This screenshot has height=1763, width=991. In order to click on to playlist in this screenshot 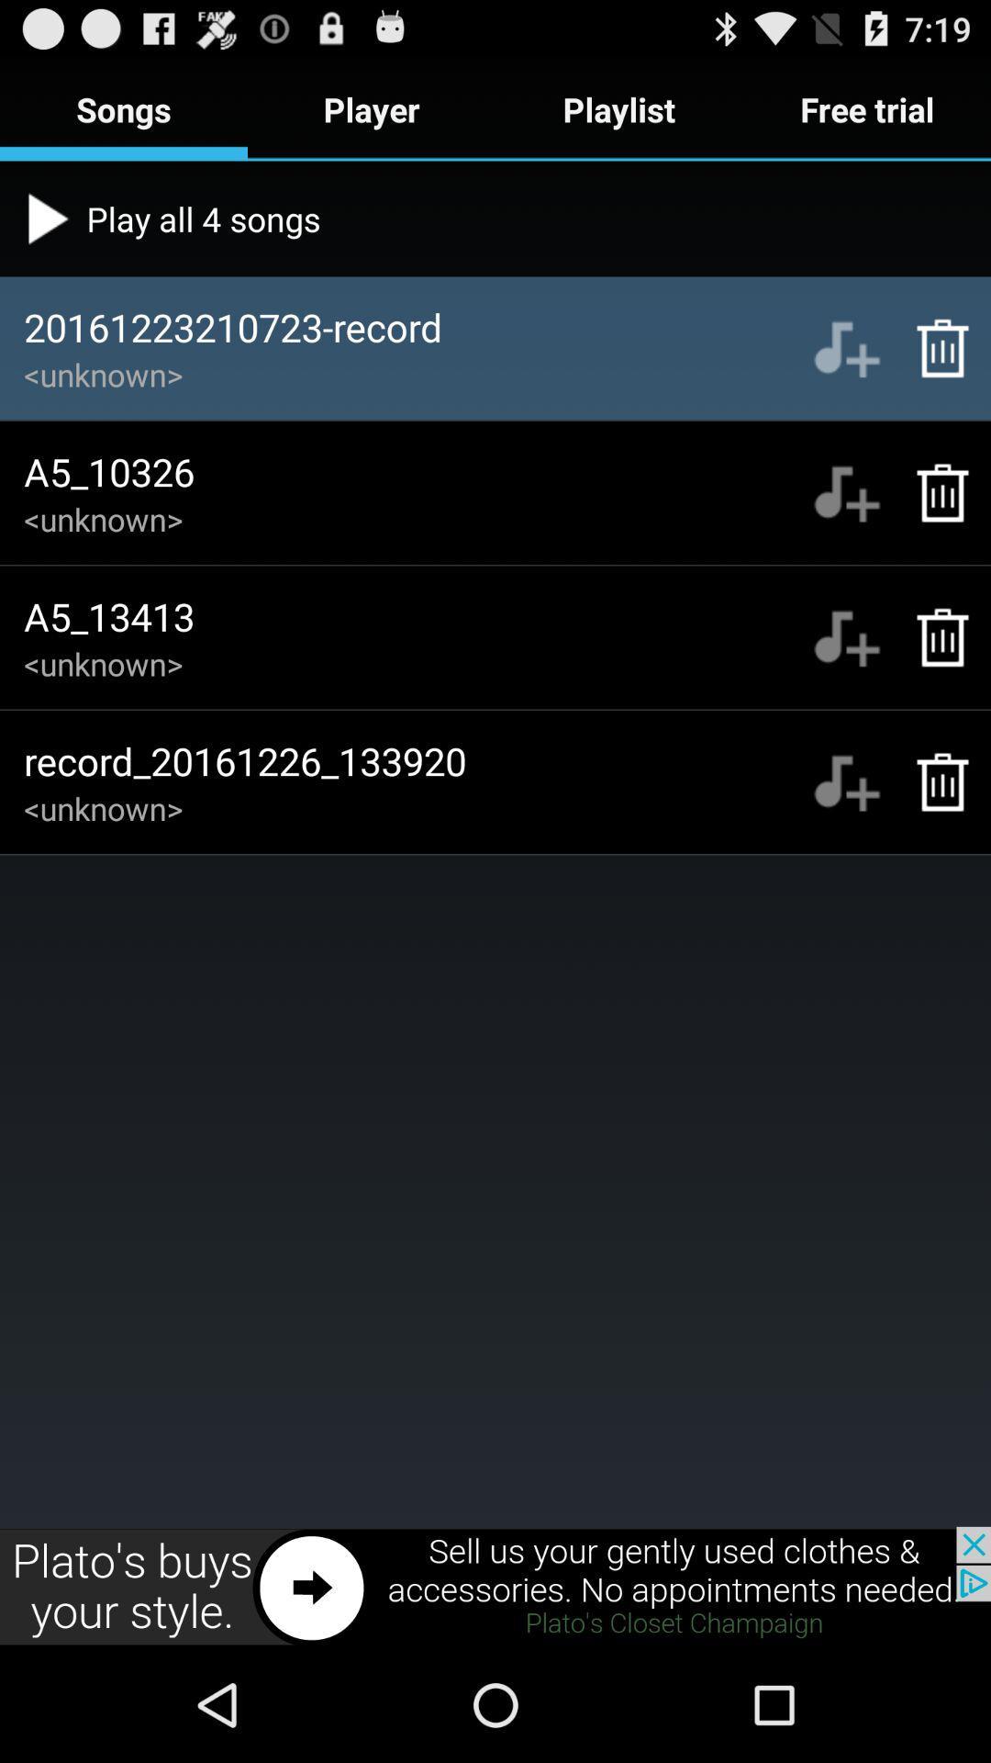, I will do `click(846, 637)`.